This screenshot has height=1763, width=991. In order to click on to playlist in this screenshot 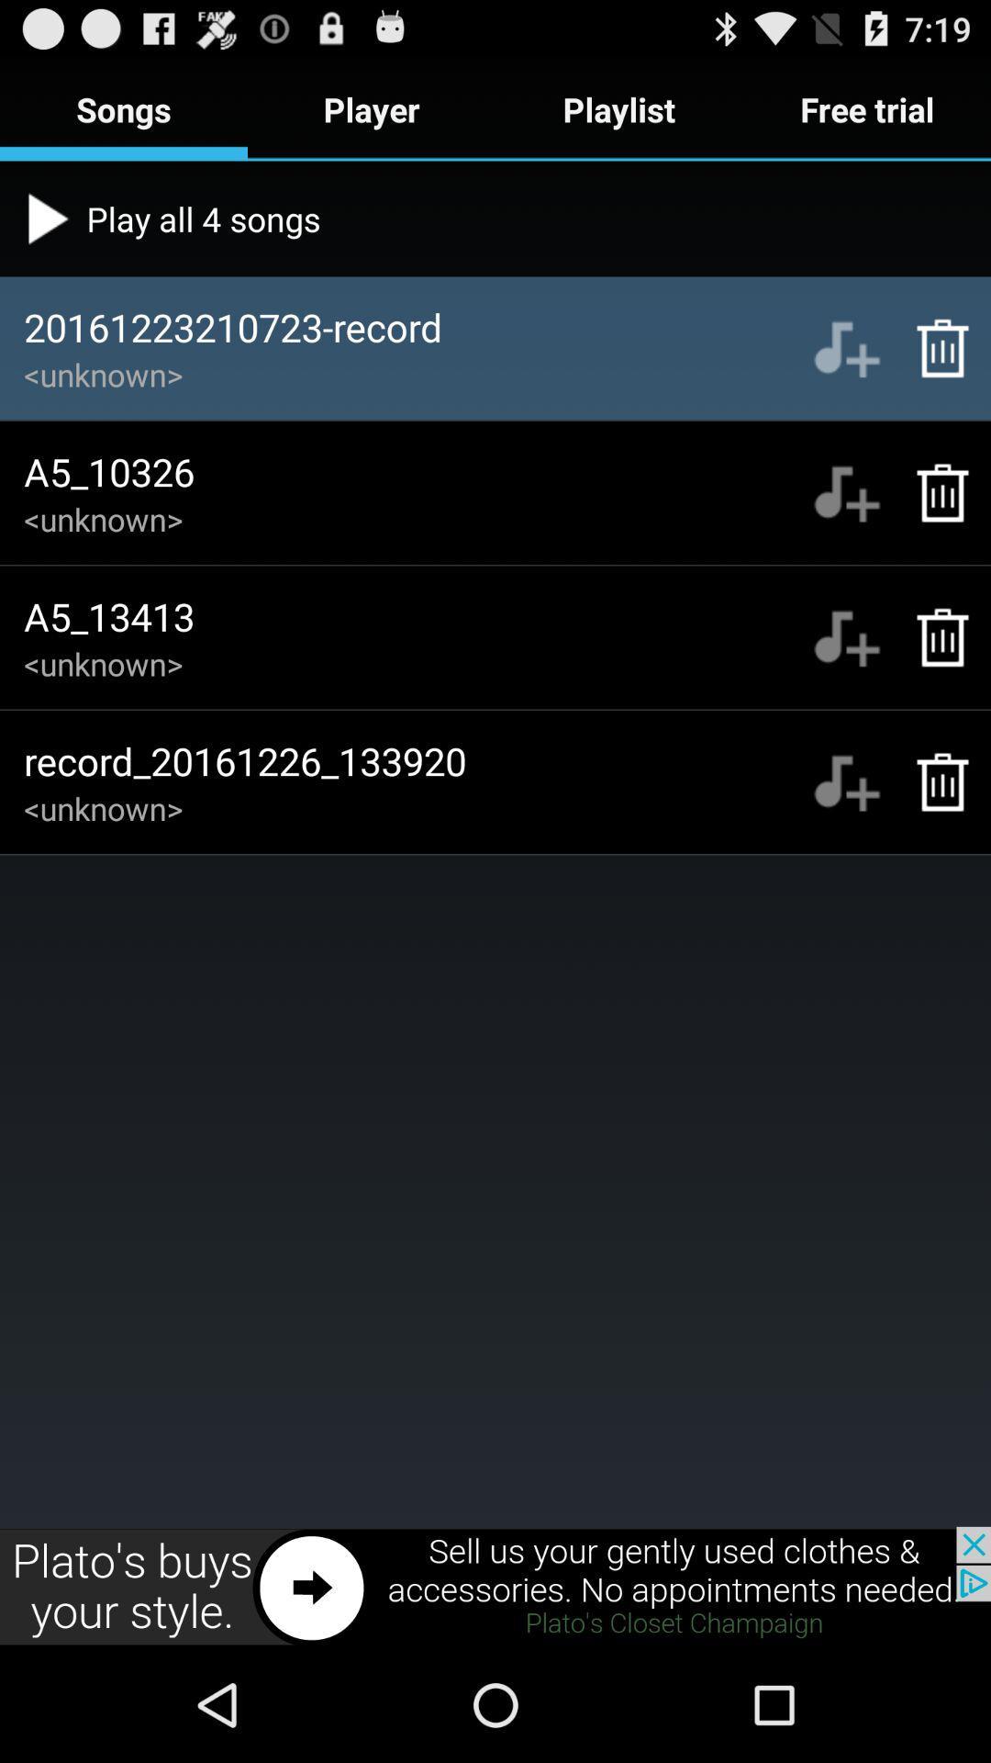, I will do `click(846, 637)`.